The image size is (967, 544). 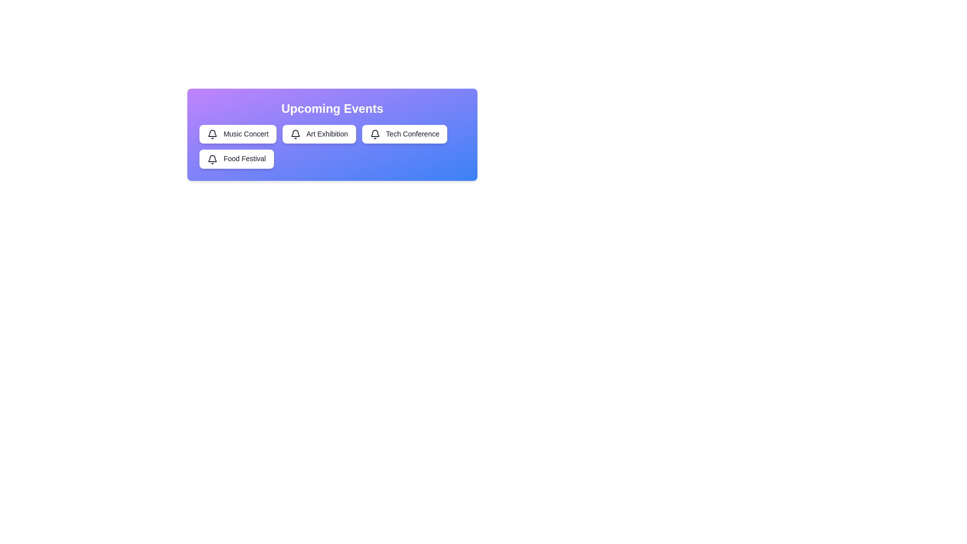 I want to click on the icon next to the event Art Exhibition, so click(x=295, y=133).